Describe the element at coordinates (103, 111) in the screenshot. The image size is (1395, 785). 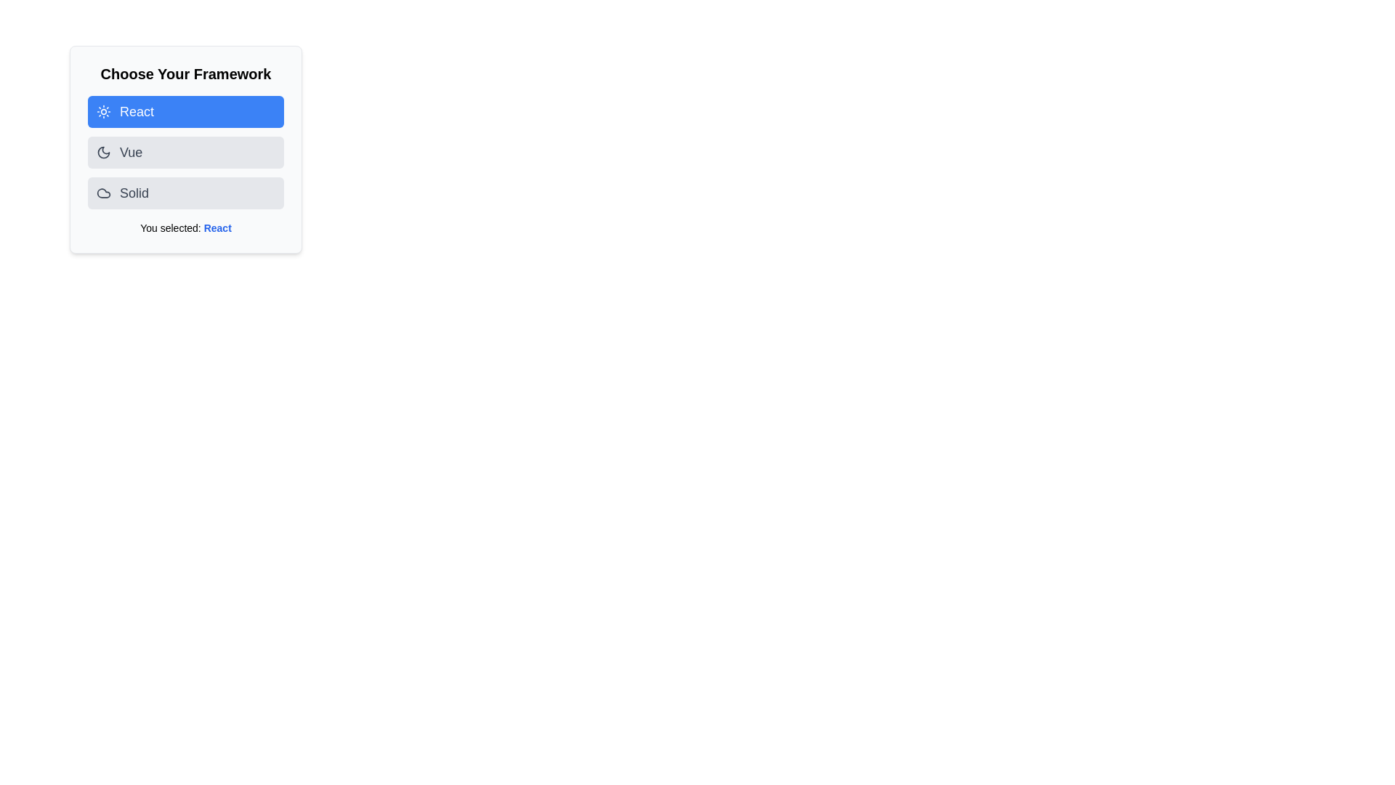
I see `the sun icon SVG graphic located on the leftmost side of the blue 'React' button` at that location.